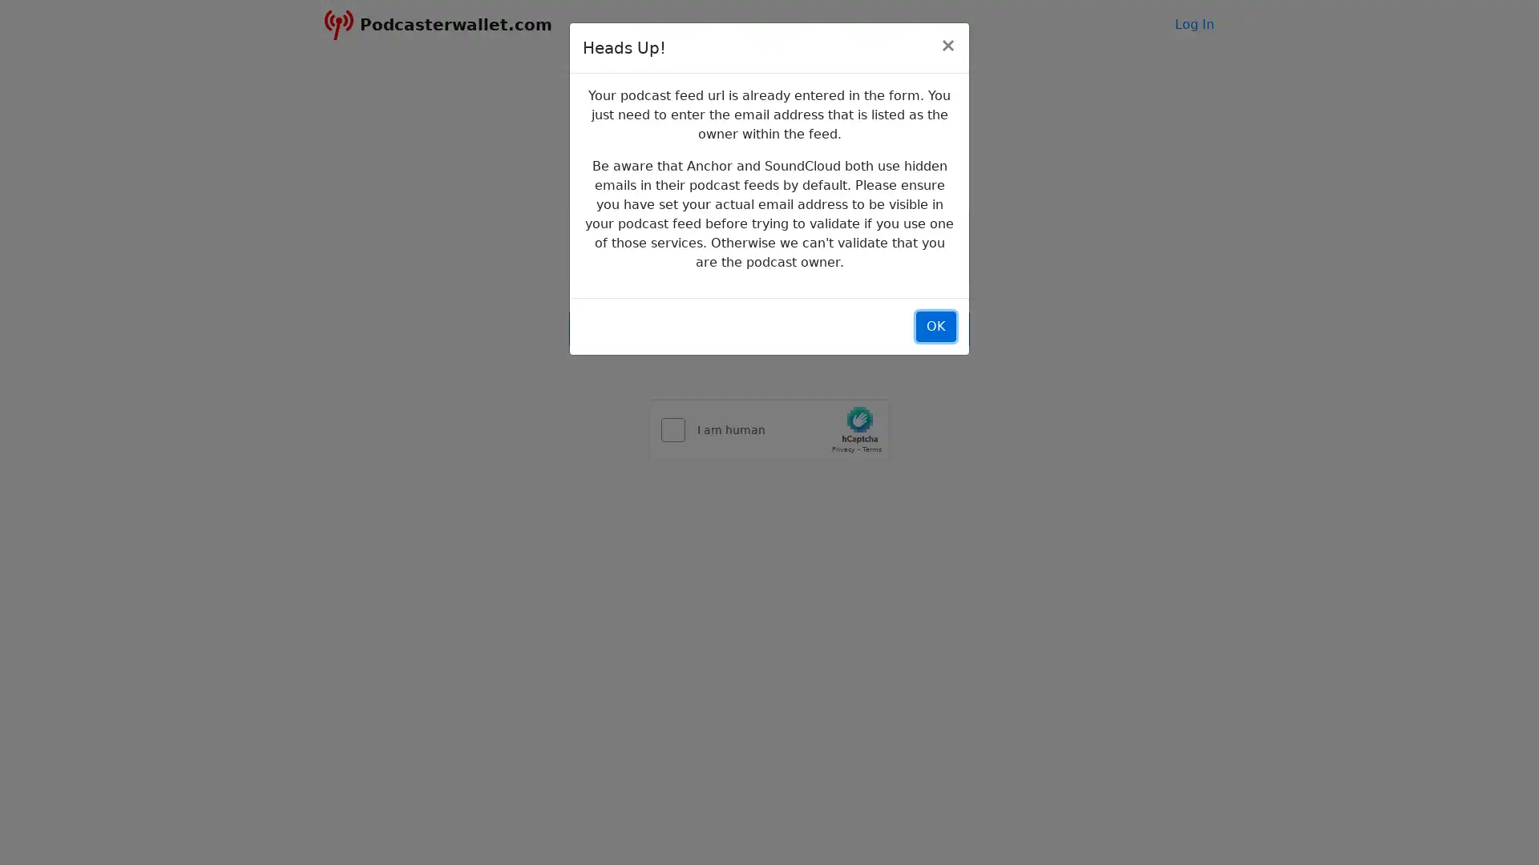  Describe the element at coordinates (935, 326) in the screenshot. I see `OK` at that location.